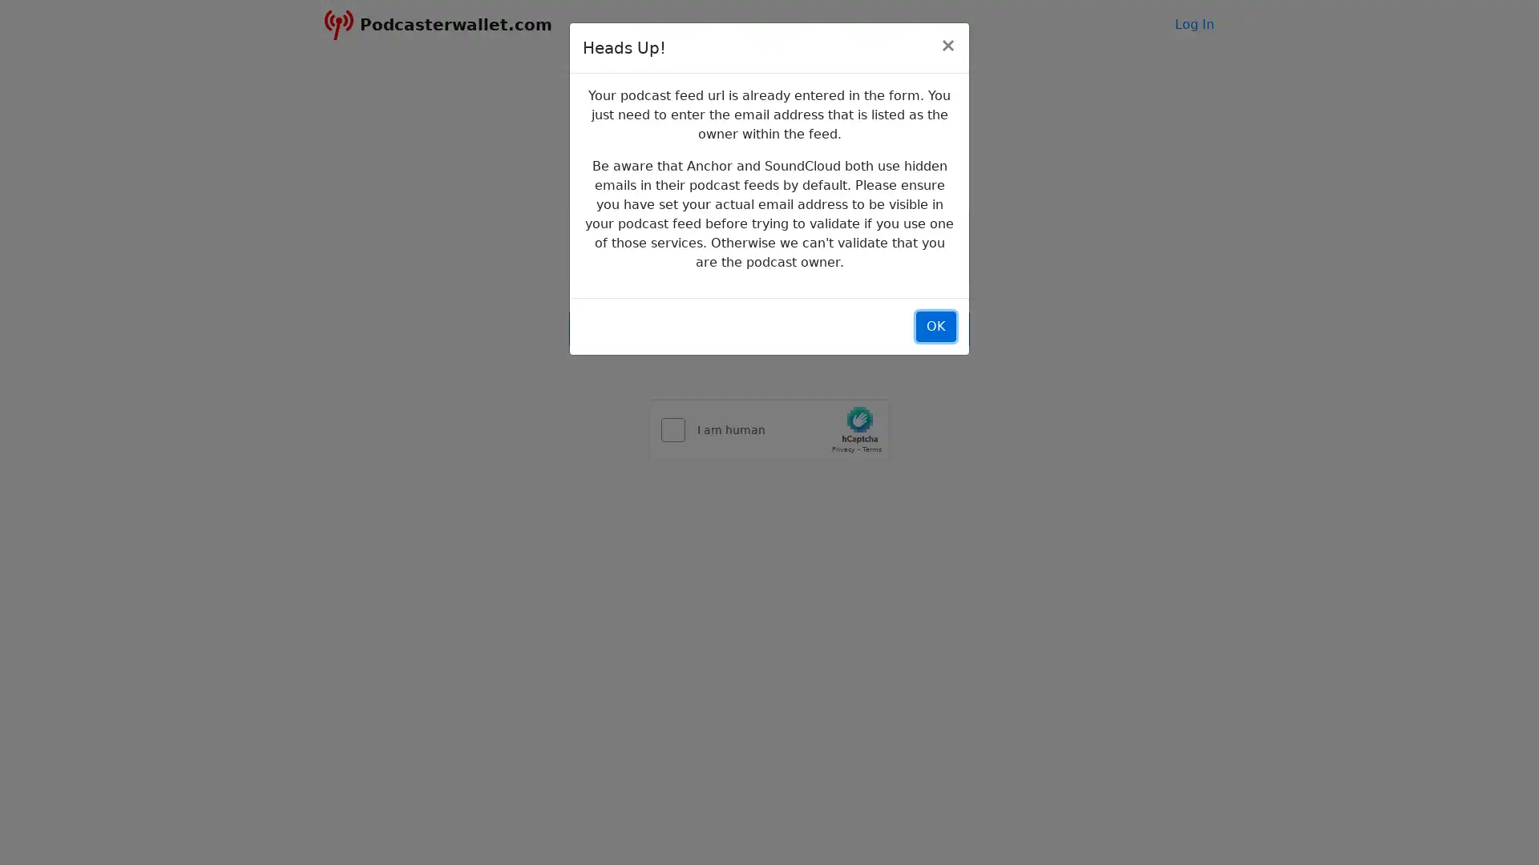  Describe the element at coordinates (935, 326) in the screenshot. I see `OK` at that location.